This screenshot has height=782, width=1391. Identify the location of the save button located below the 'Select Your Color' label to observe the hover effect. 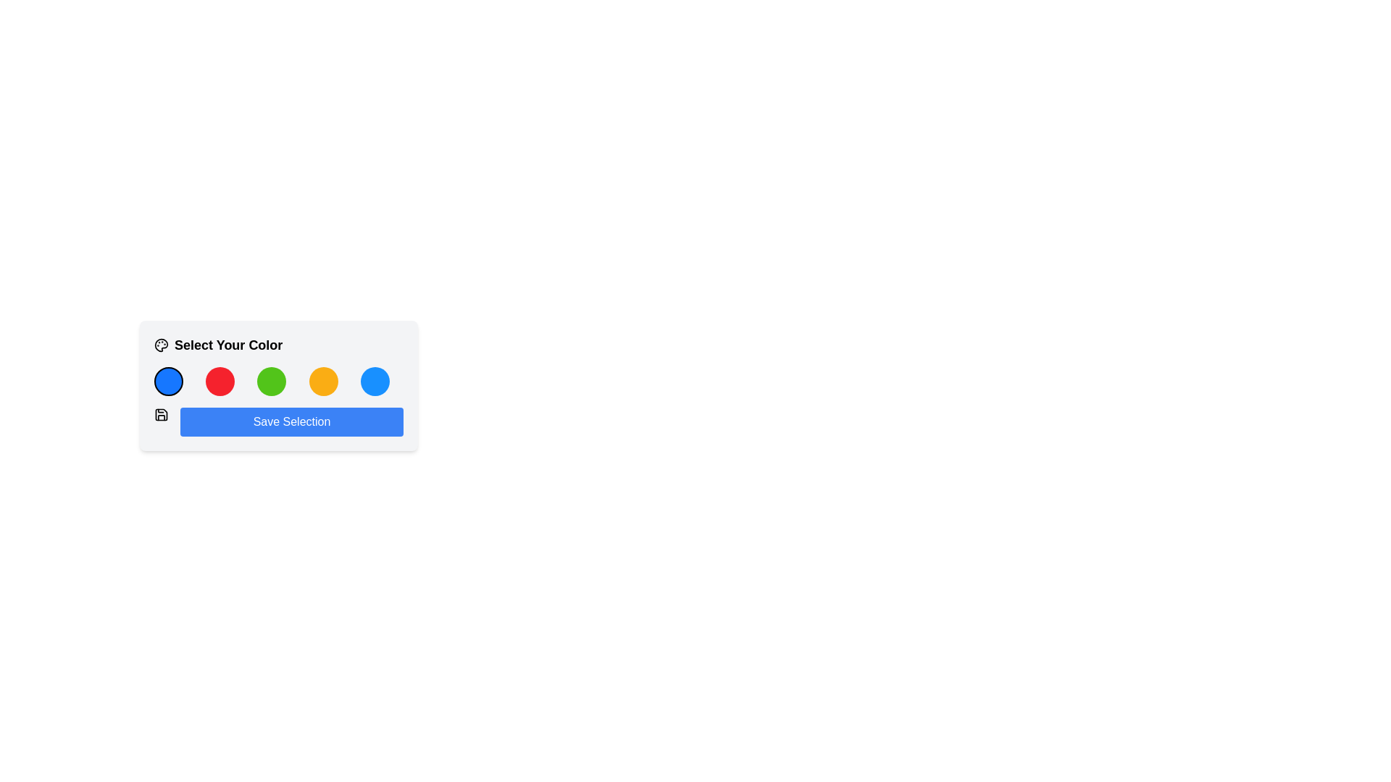
(291, 421).